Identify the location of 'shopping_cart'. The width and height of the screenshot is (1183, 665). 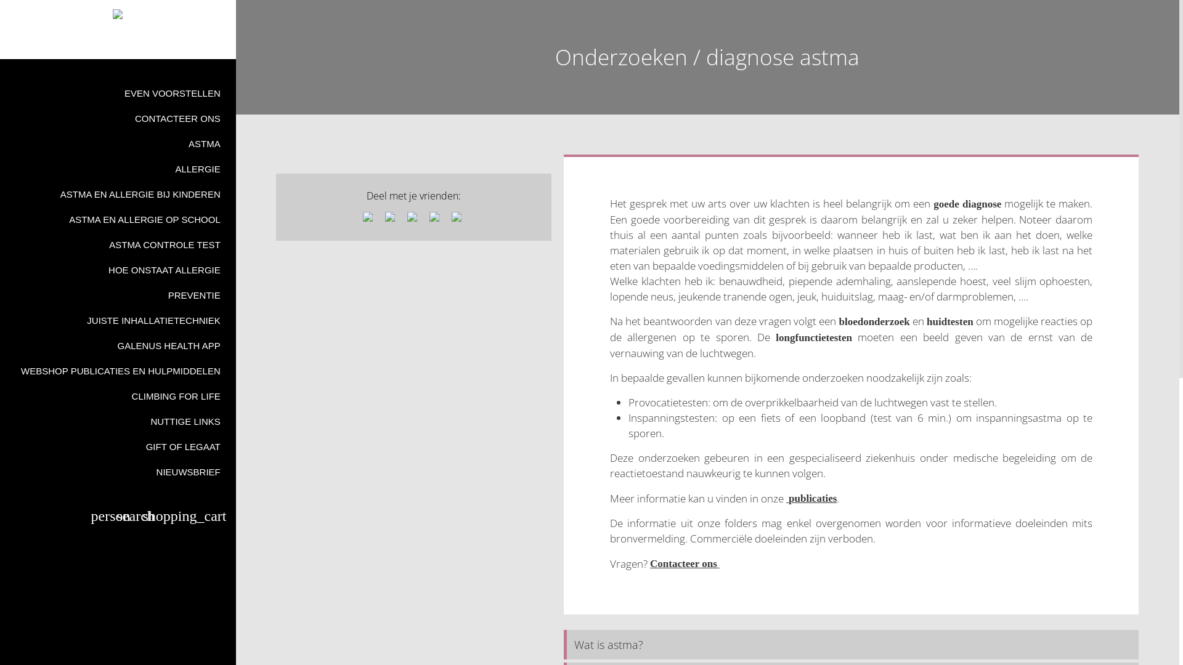
(185, 517).